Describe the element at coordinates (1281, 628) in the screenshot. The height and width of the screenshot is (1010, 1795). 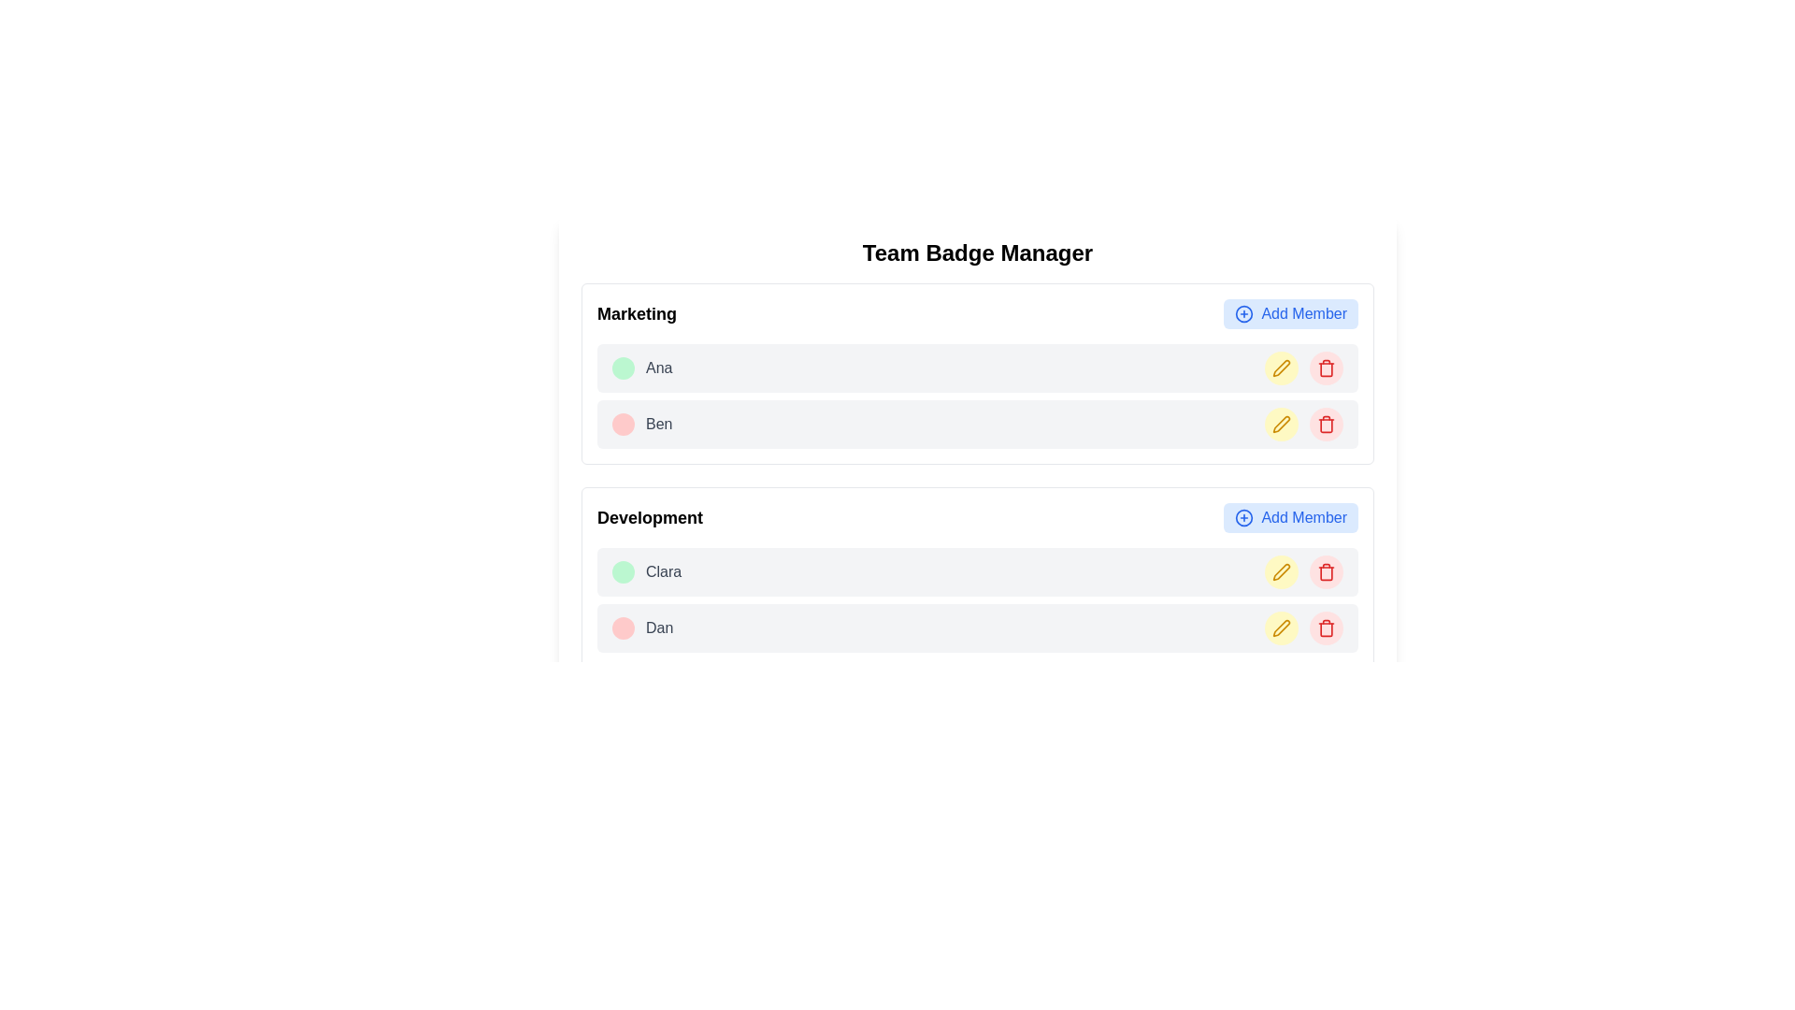
I see `the 'Edit Member' button located in the 'Development' team section next to the member 'Dan'` at that location.